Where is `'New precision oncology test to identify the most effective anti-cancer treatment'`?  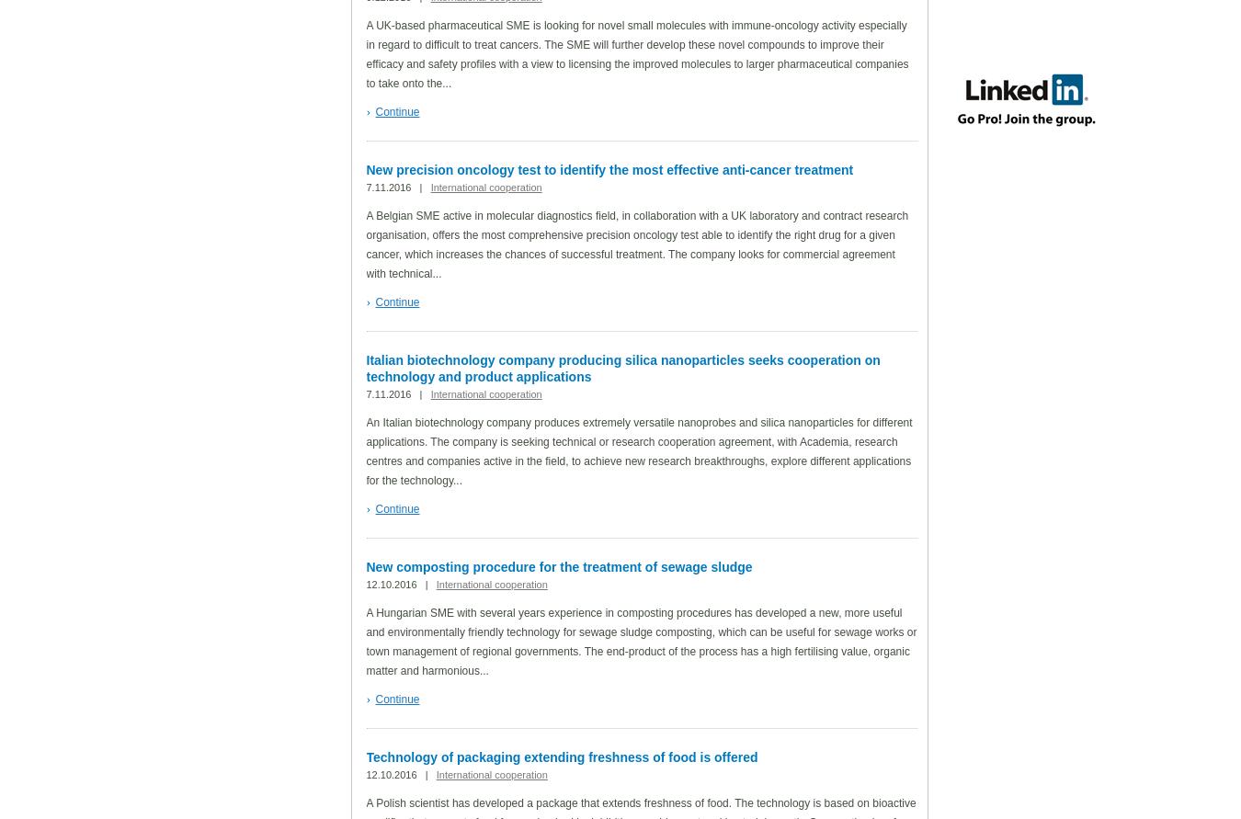
'New precision oncology test to identify the most effective anti-cancer treatment' is located at coordinates (609, 169).